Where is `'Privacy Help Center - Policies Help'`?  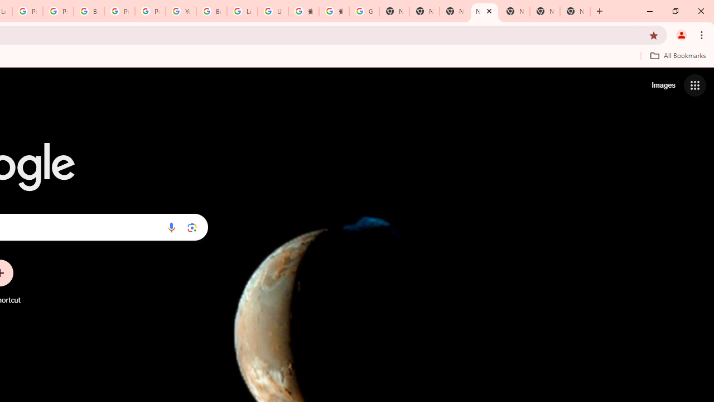
'Privacy Help Center - Policies Help' is located at coordinates (27, 11).